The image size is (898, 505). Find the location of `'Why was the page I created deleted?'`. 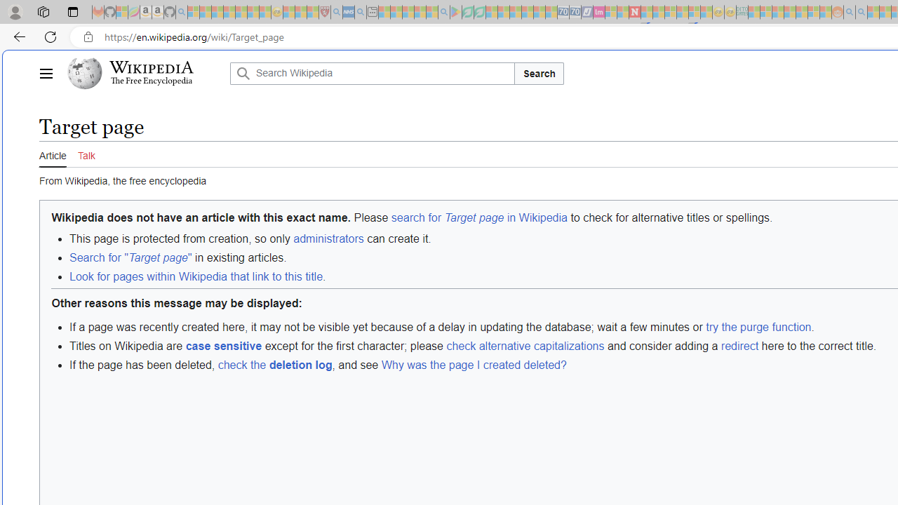

'Why was the page I created deleted?' is located at coordinates (474, 364).